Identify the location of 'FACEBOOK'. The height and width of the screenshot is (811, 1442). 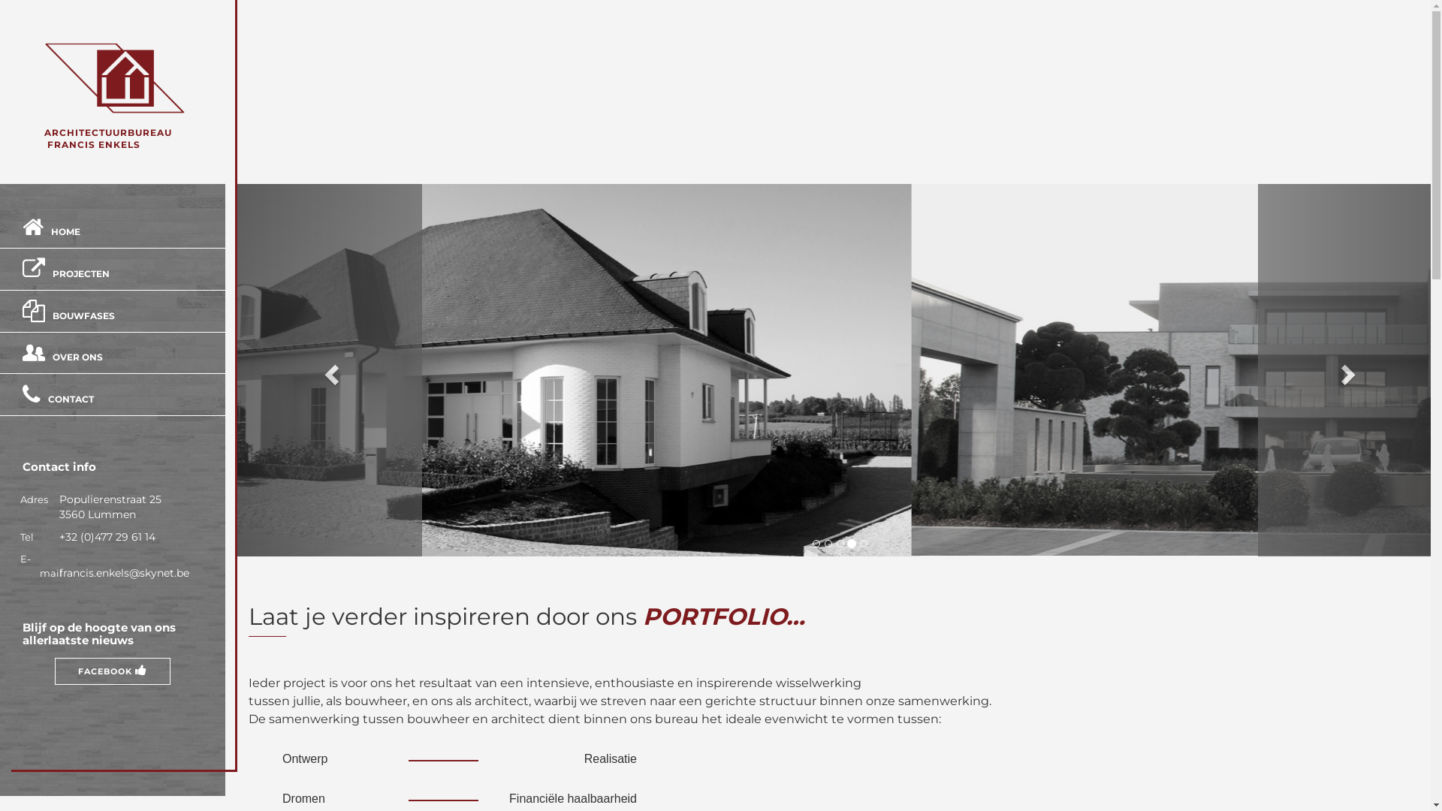
(111, 671).